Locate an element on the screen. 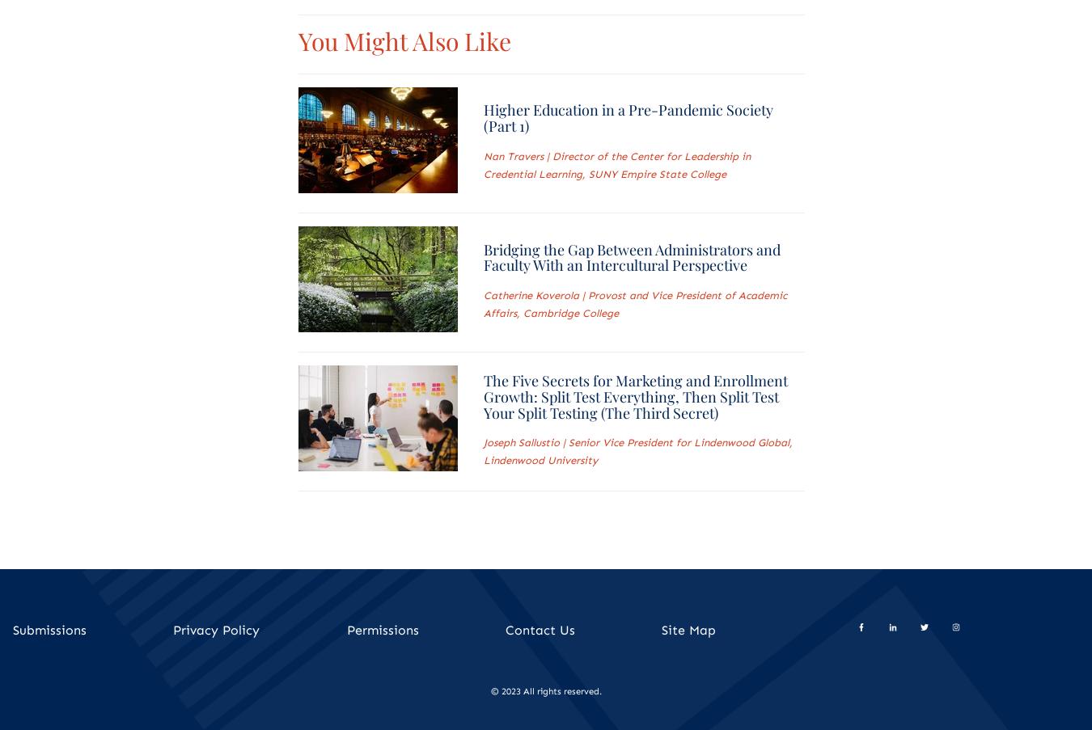  'Permissions' is located at coordinates (381, 629).